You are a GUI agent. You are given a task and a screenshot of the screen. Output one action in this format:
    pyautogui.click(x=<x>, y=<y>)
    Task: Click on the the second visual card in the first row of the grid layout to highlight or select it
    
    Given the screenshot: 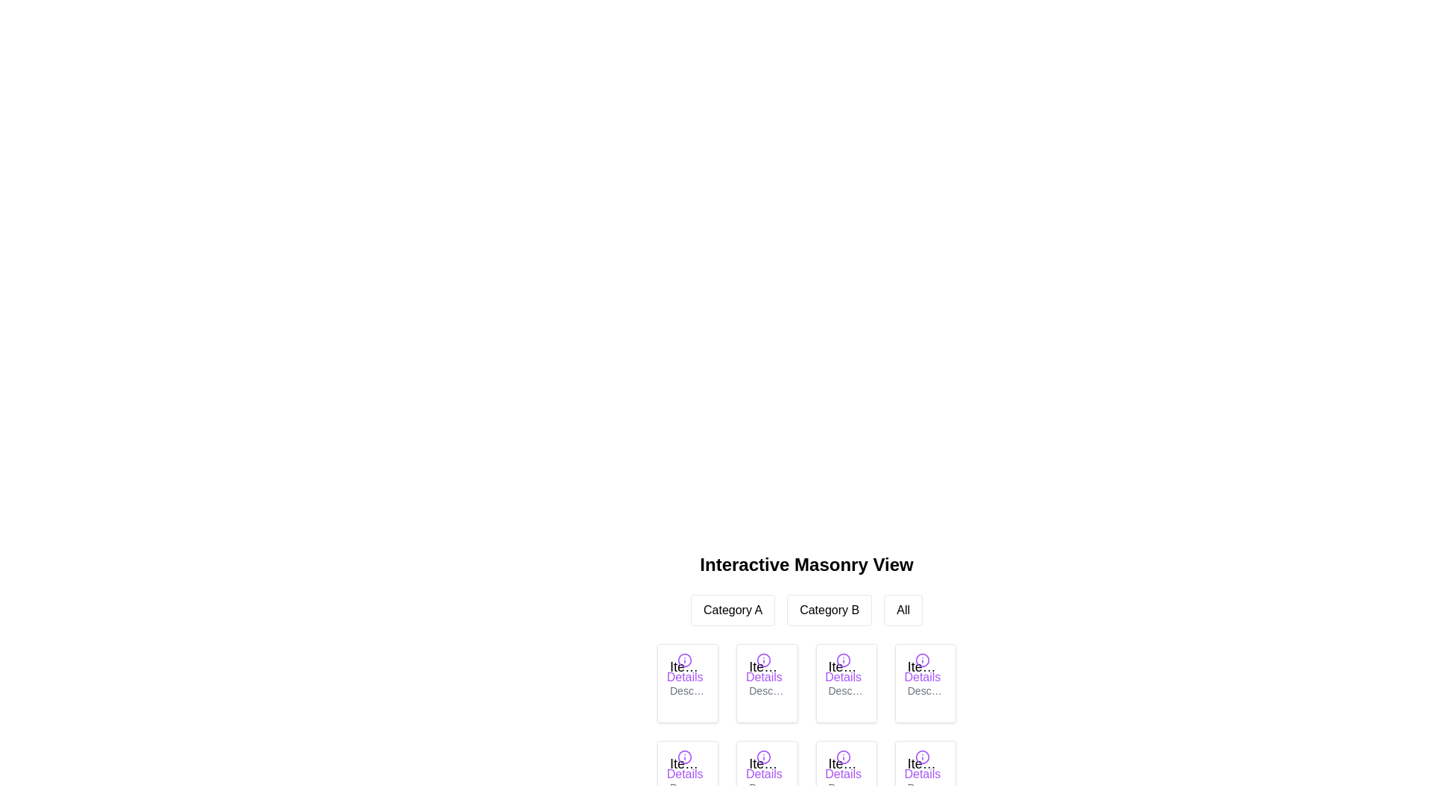 What is the action you would take?
    pyautogui.click(x=767, y=684)
    